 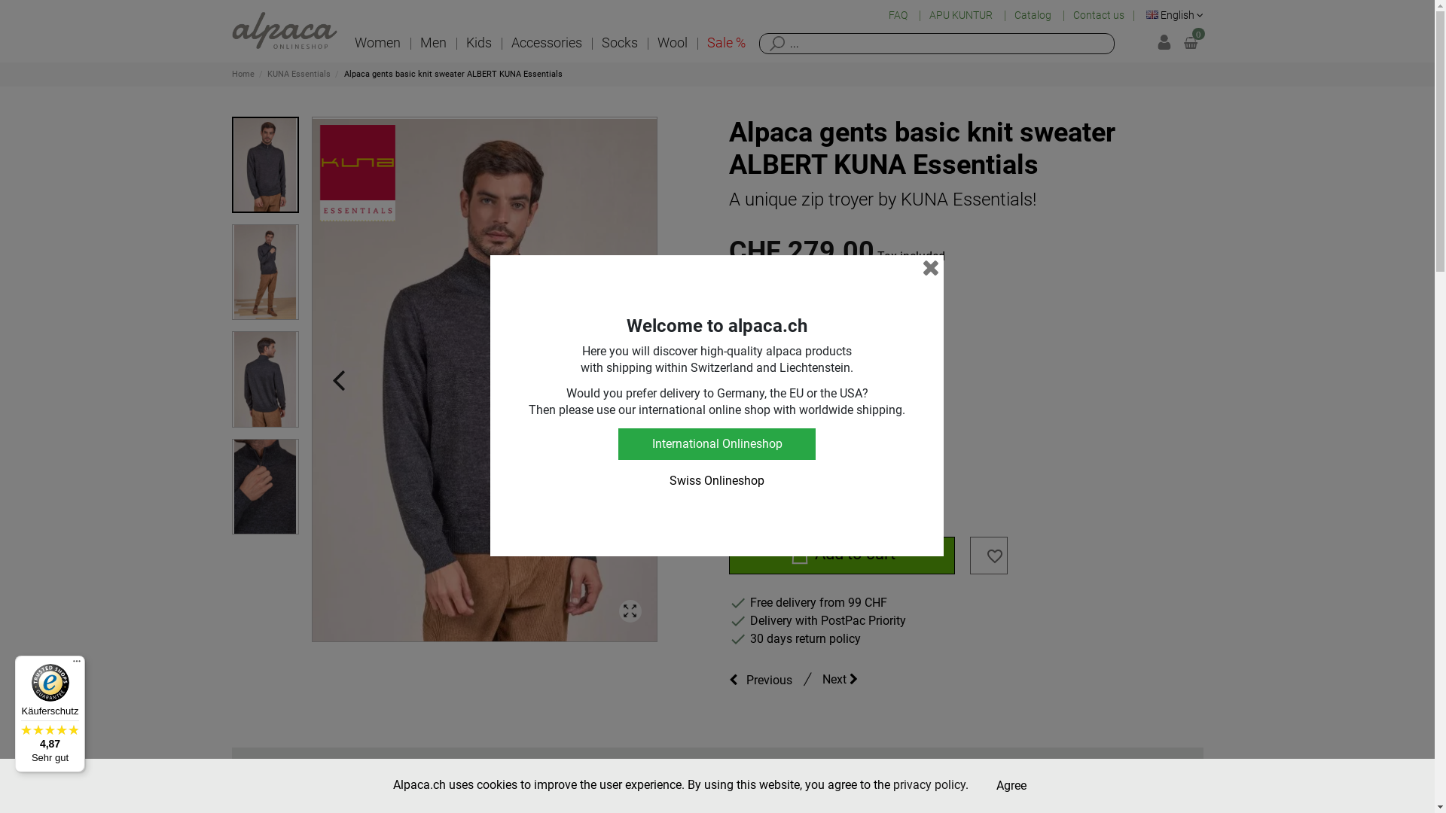 What do you see at coordinates (1189, 42) in the screenshot?
I see `'0'` at bounding box center [1189, 42].